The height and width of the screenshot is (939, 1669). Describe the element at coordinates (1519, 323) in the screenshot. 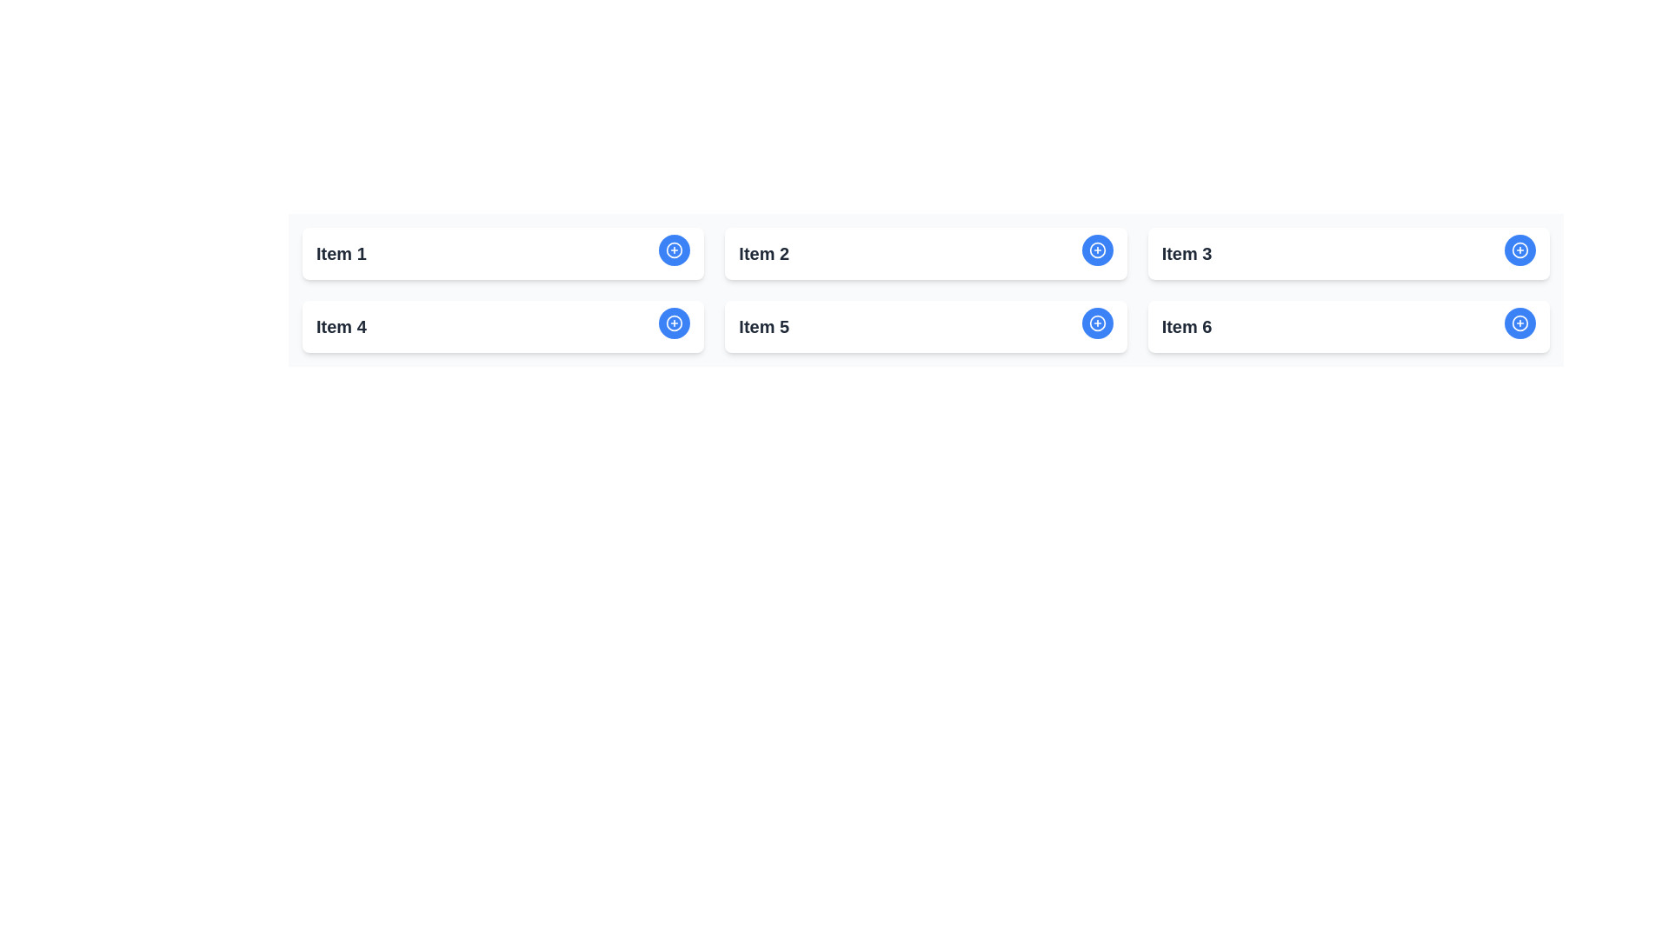

I see `the button located at the bottom-right of the 'Item 6' card` at that location.